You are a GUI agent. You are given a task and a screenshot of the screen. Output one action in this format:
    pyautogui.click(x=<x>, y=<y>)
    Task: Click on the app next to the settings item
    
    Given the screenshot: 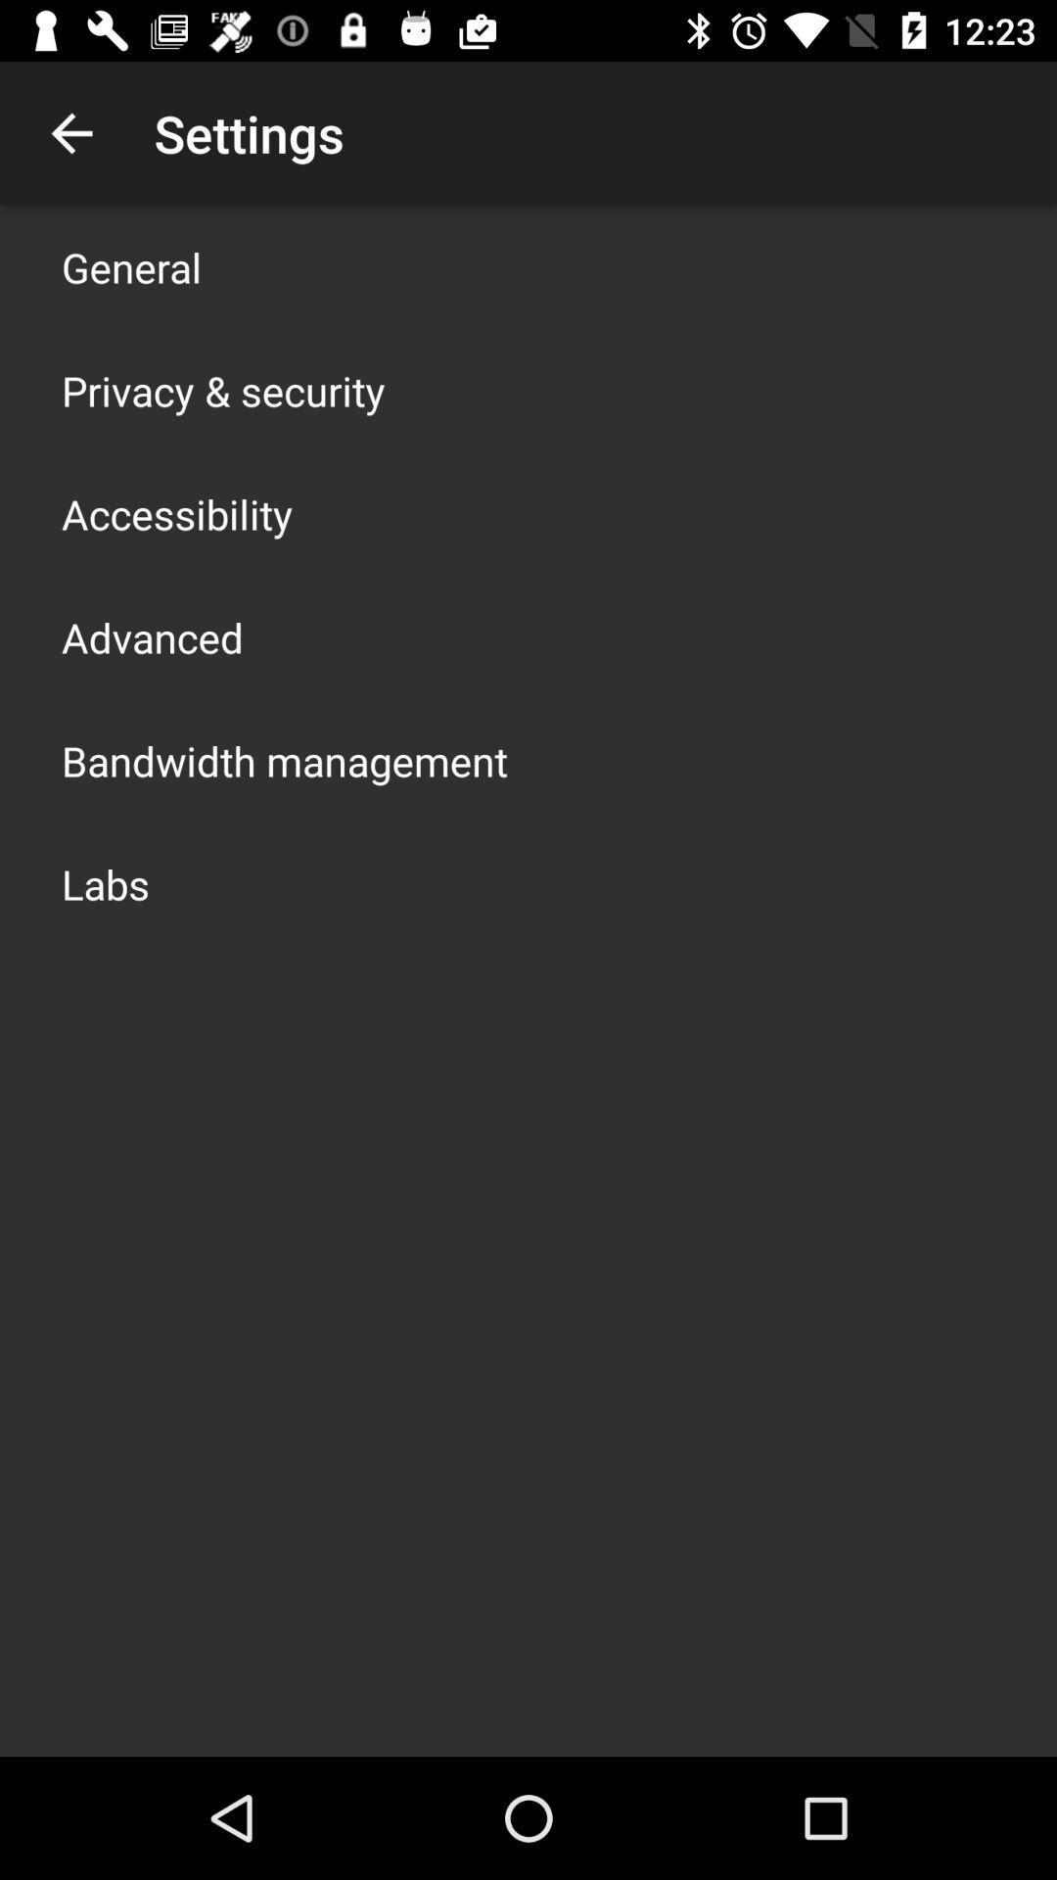 What is the action you would take?
    pyautogui.click(x=70, y=132)
    